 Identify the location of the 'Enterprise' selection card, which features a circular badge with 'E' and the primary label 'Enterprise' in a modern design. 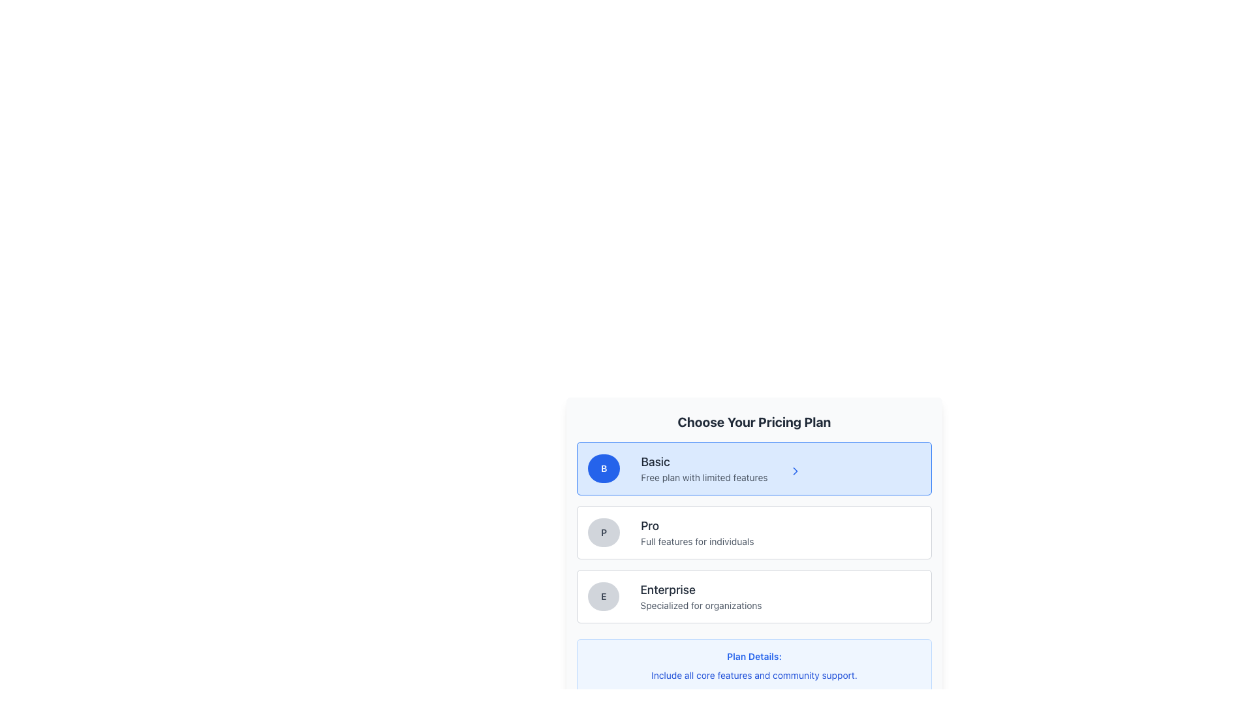
(754, 597).